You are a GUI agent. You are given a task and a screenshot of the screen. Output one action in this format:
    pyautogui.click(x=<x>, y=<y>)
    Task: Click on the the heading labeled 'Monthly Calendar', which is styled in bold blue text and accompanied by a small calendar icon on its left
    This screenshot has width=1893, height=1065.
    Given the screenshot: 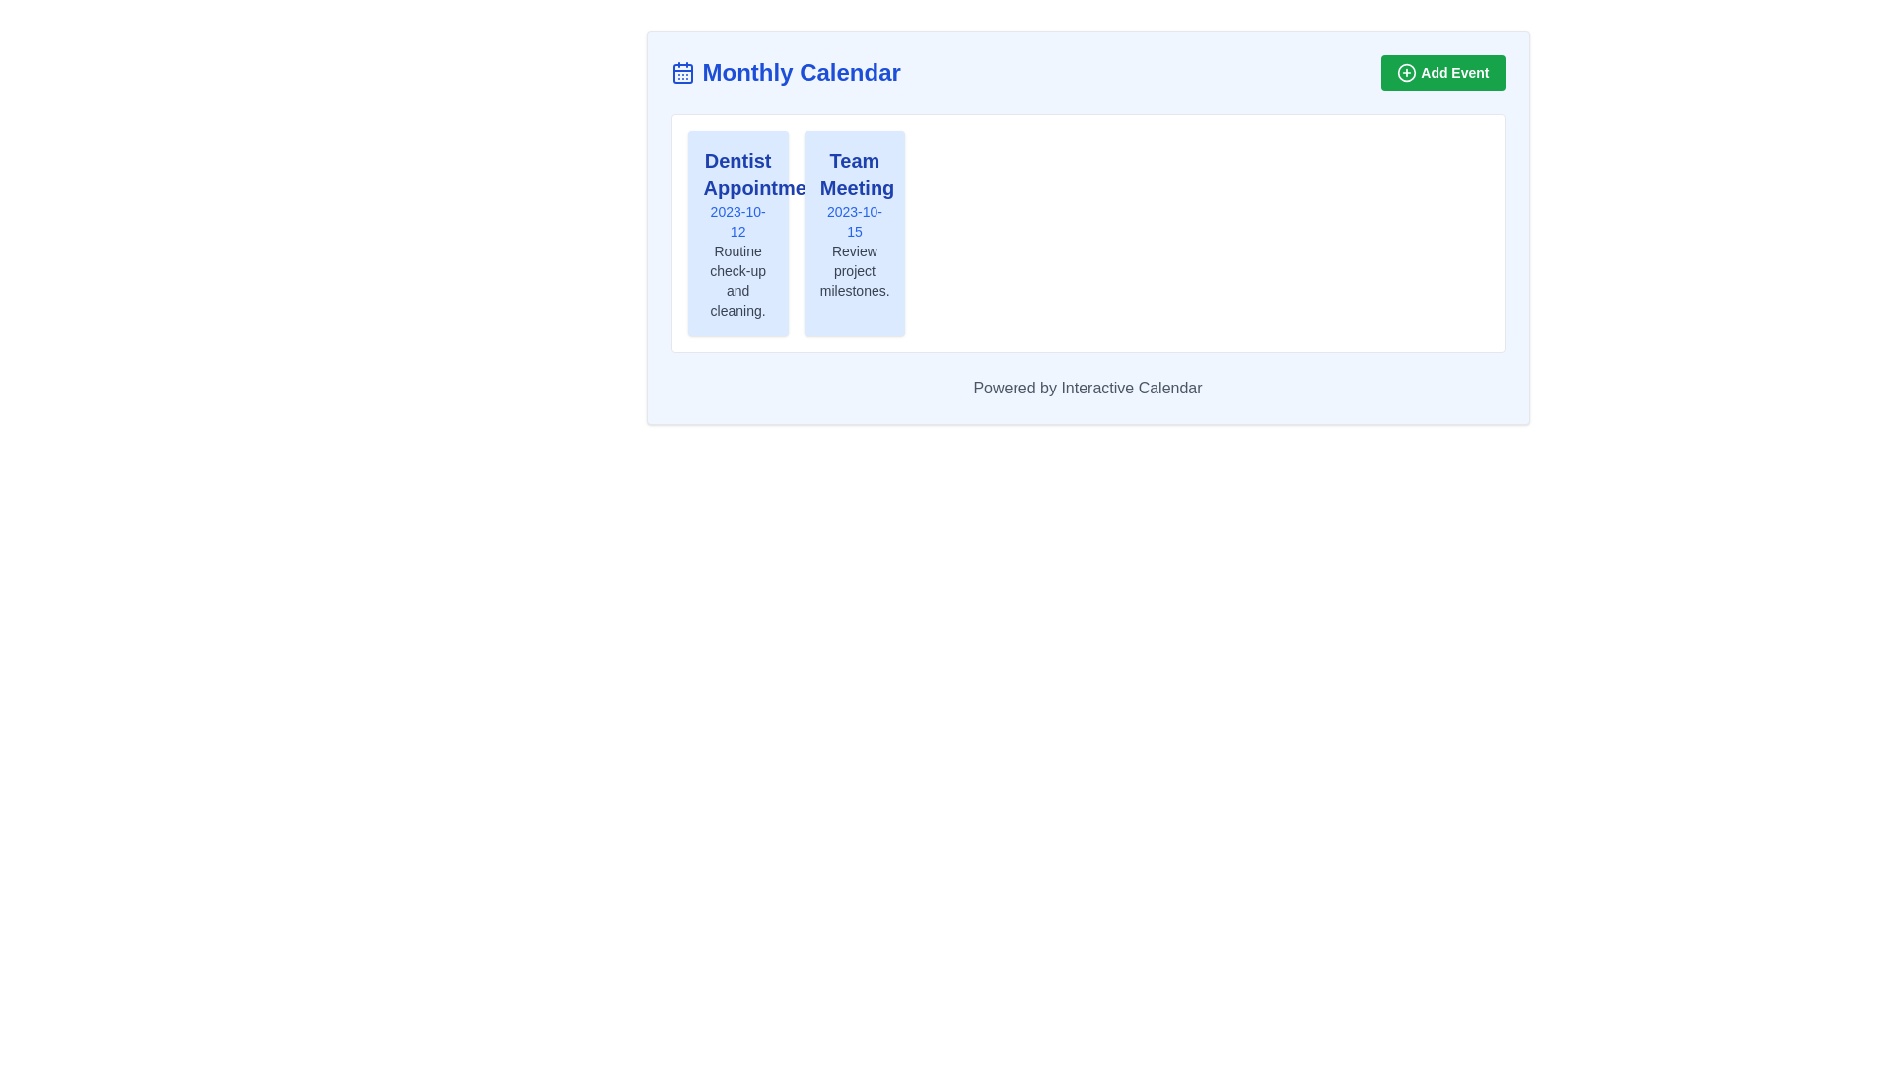 What is the action you would take?
    pyautogui.click(x=785, y=71)
    